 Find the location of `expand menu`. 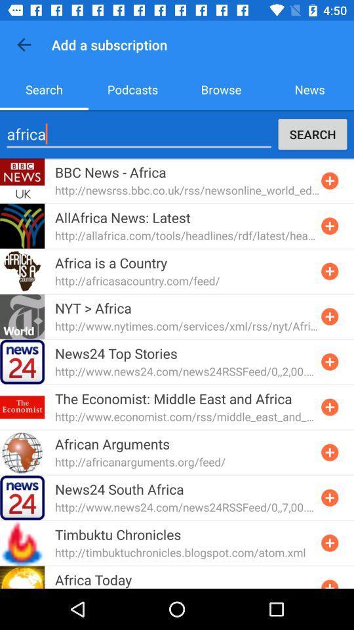

expand menu is located at coordinates (329, 582).